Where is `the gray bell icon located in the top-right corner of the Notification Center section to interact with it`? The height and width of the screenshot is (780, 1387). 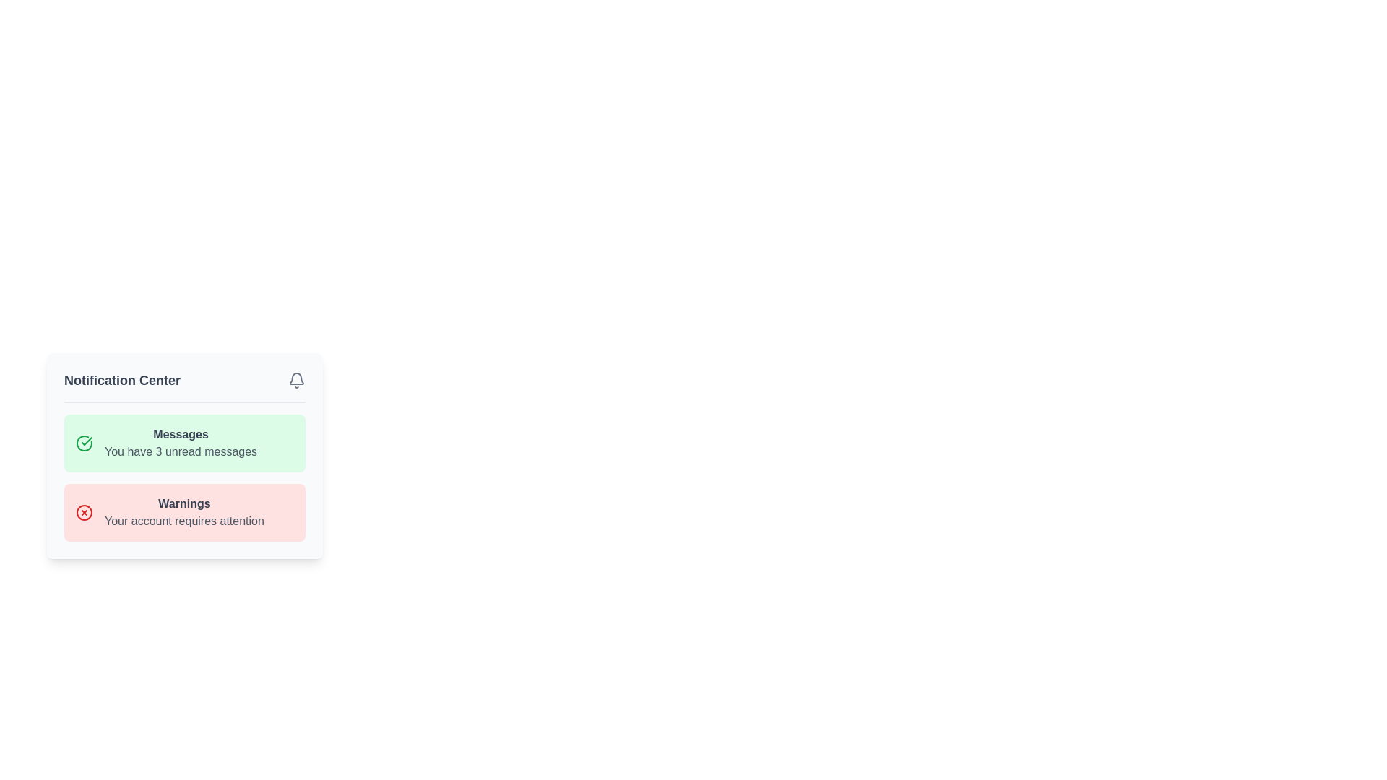
the gray bell icon located in the top-right corner of the Notification Center section to interact with it is located at coordinates (296, 380).